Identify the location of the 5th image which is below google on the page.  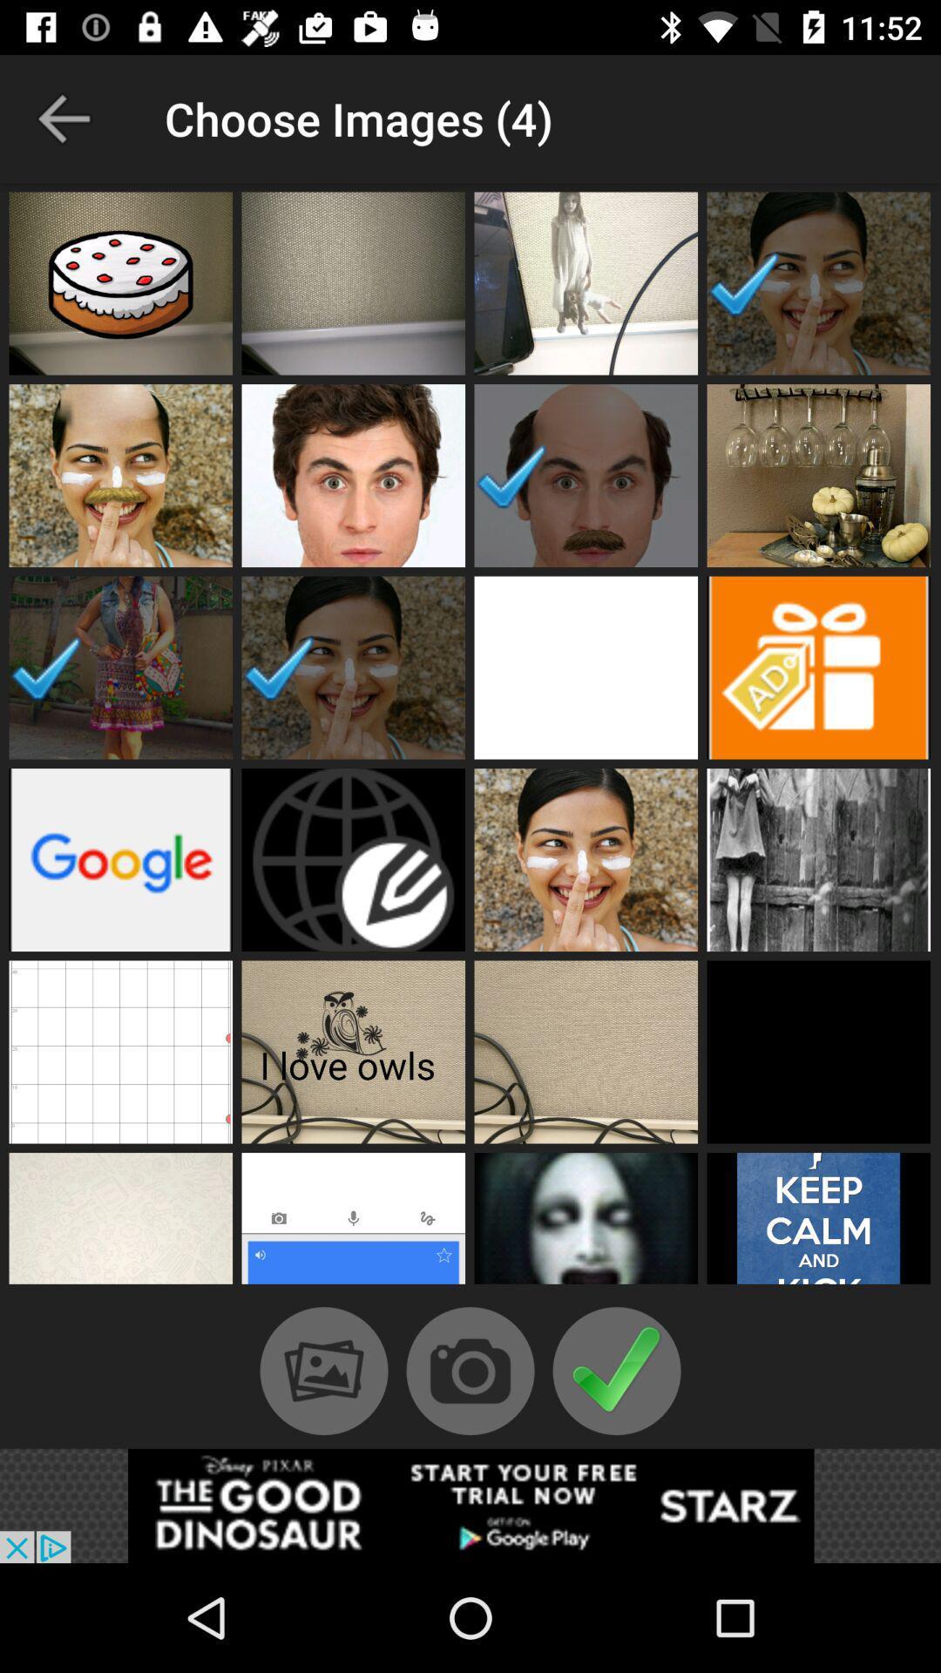
(119, 1052).